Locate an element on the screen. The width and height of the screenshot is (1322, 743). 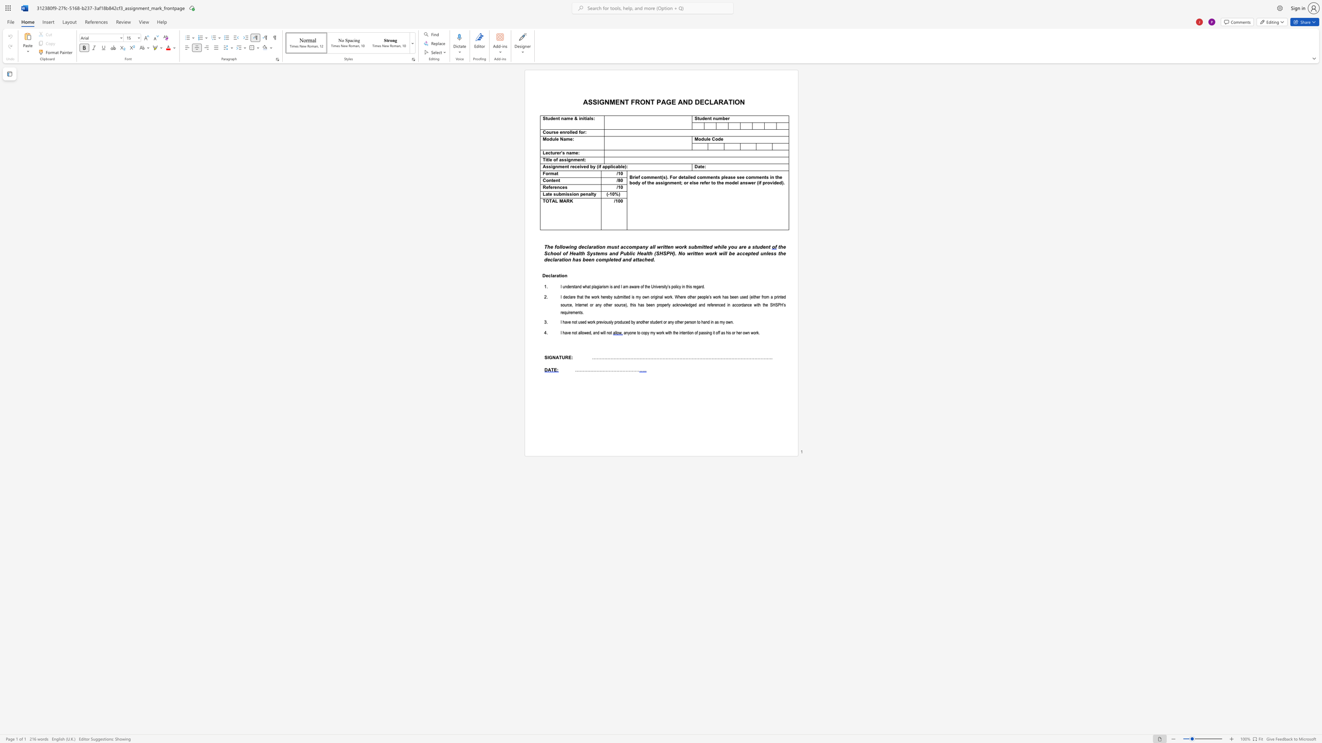
the subset text "ber" within the text "Student number" is located at coordinates (722, 118).